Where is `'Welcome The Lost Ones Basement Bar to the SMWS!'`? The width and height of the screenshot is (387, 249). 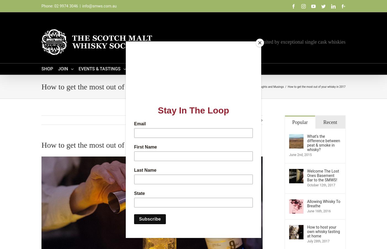 'Welcome The Lost Ones Basement Bar to the SMWS!' is located at coordinates (323, 175).